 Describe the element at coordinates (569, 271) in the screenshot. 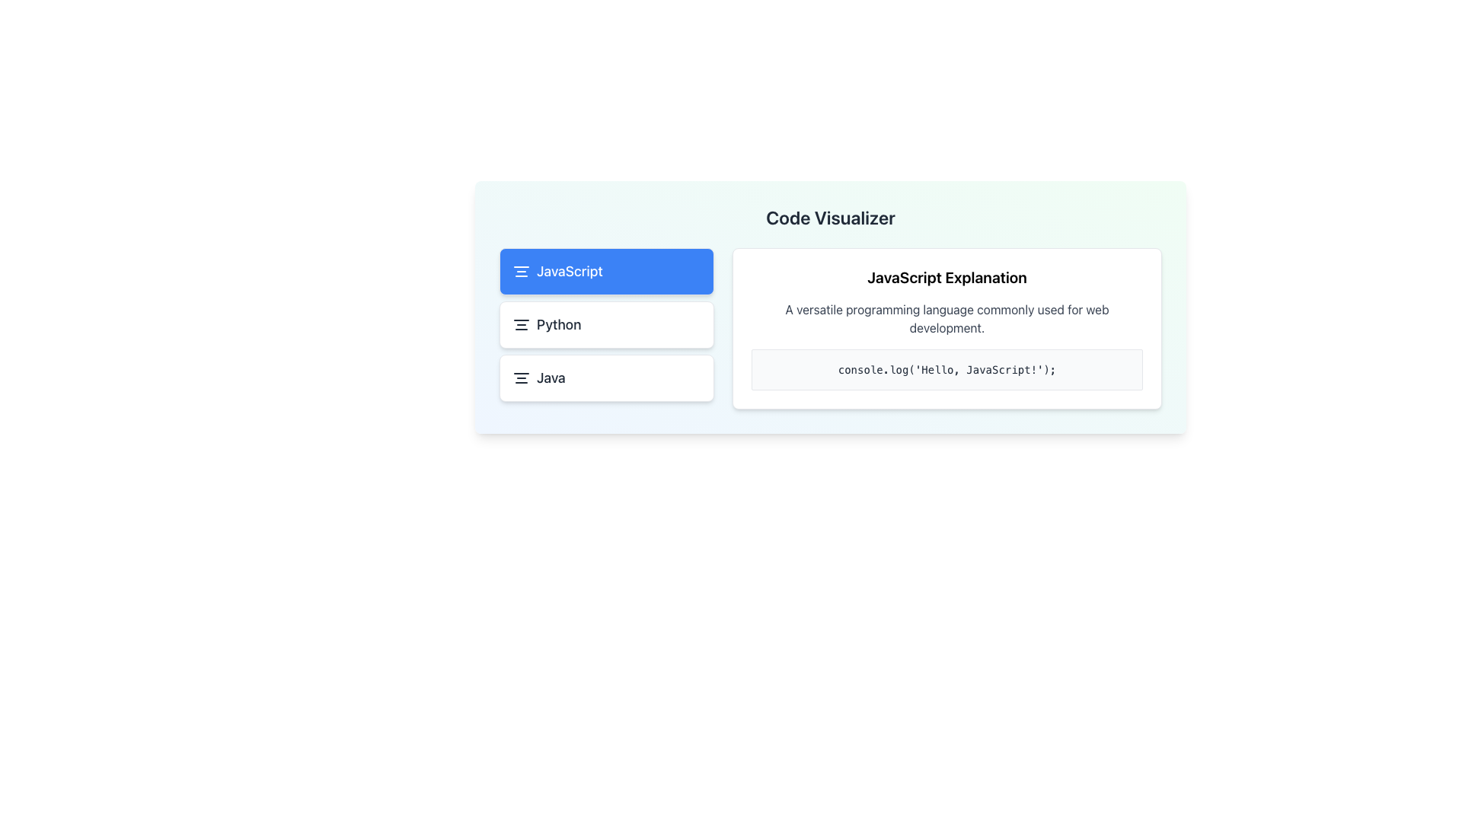

I see `text from the label indicating the selected programming language, which is positioned above the 'Python' option in the left panel` at that location.